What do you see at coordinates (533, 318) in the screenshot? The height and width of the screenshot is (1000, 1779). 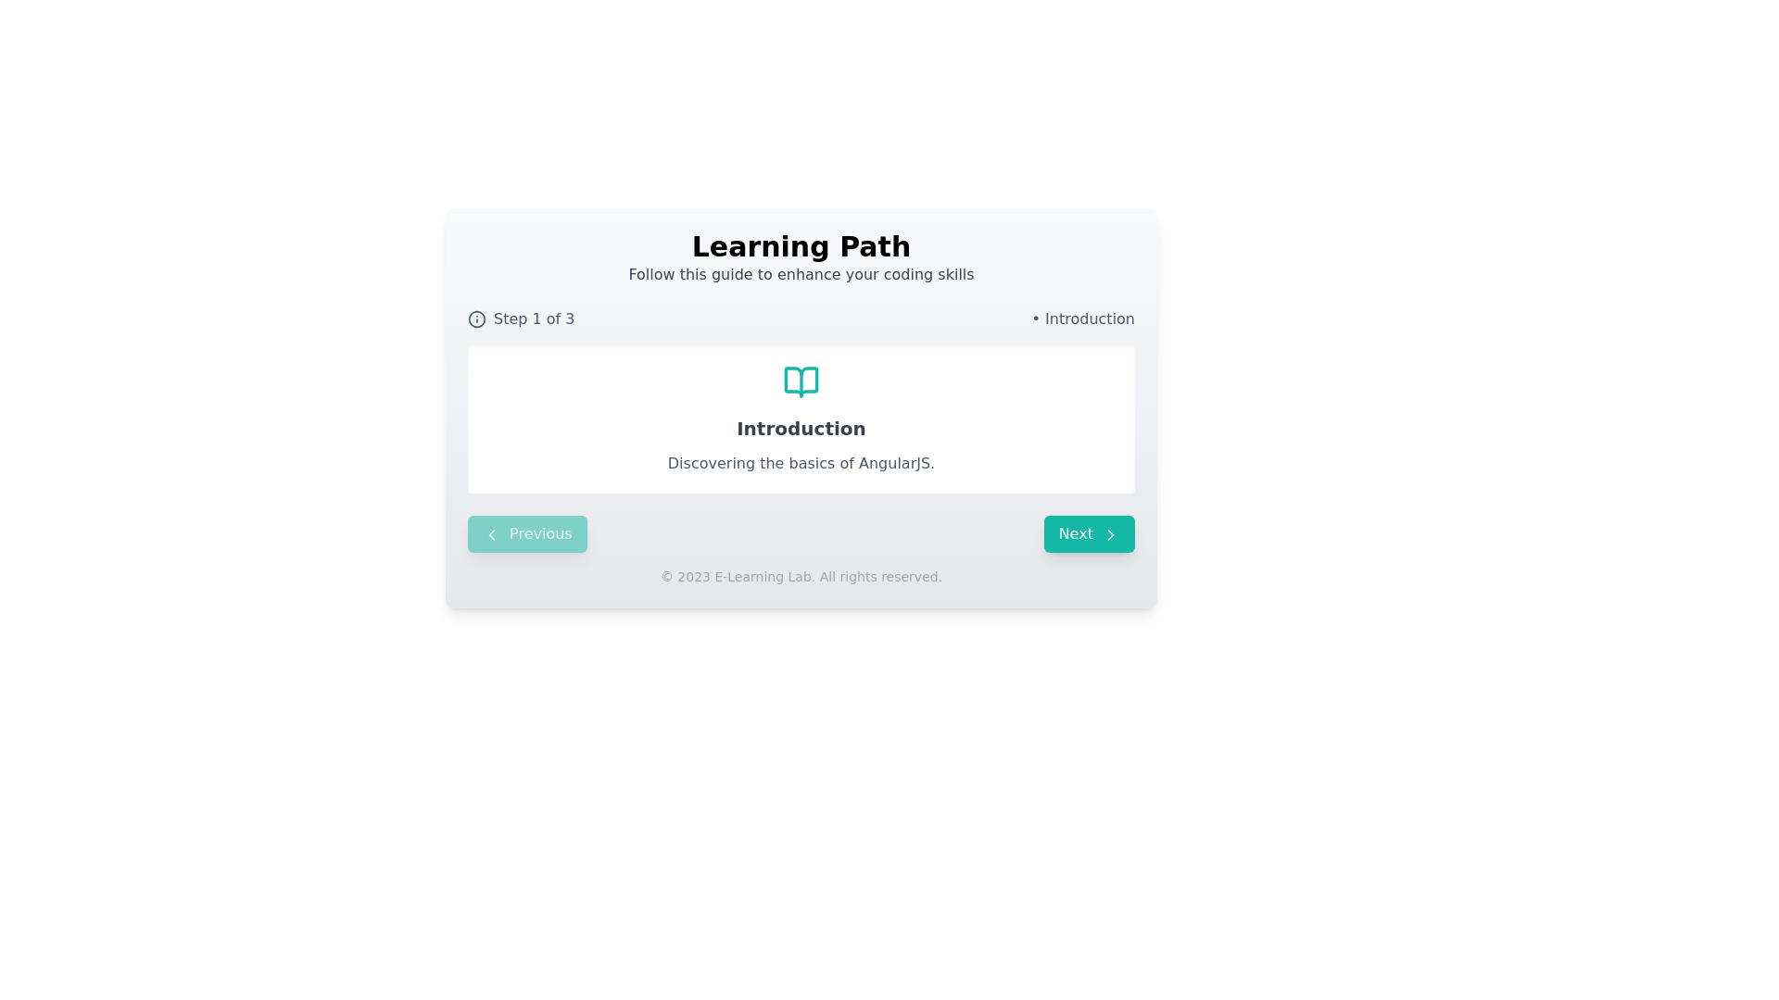 I see `the Text label that displays the current step '1' out of '3' in the progress indicator, located to the right of an information icon` at bounding box center [533, 318].